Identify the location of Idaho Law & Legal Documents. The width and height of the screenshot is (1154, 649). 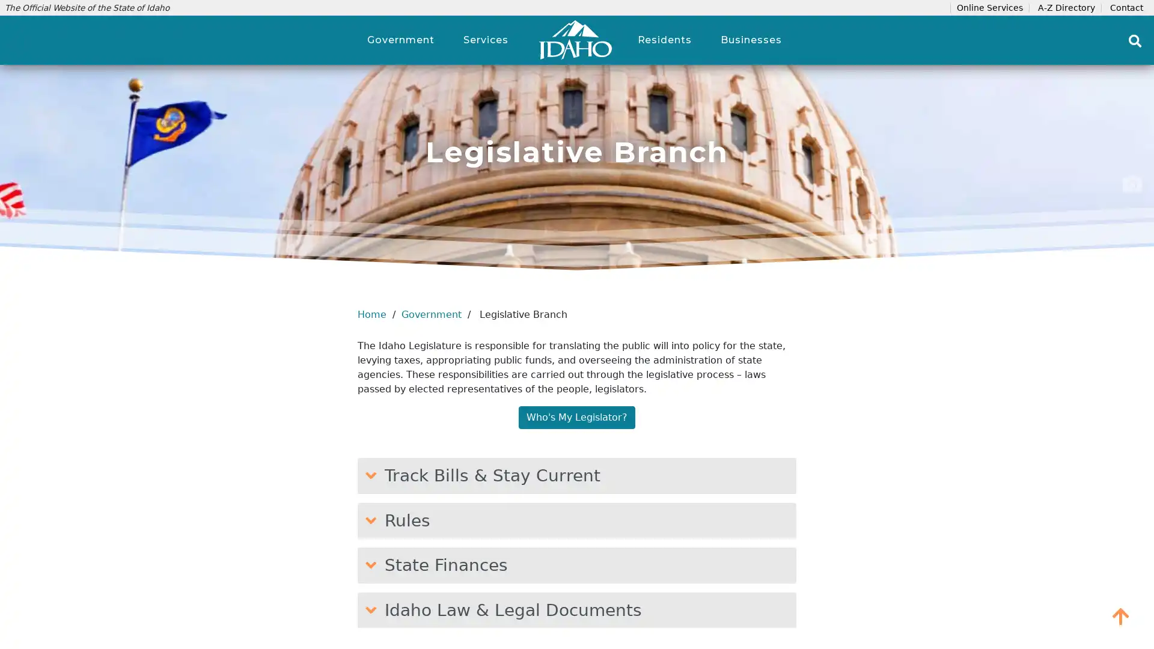
(577, 609).